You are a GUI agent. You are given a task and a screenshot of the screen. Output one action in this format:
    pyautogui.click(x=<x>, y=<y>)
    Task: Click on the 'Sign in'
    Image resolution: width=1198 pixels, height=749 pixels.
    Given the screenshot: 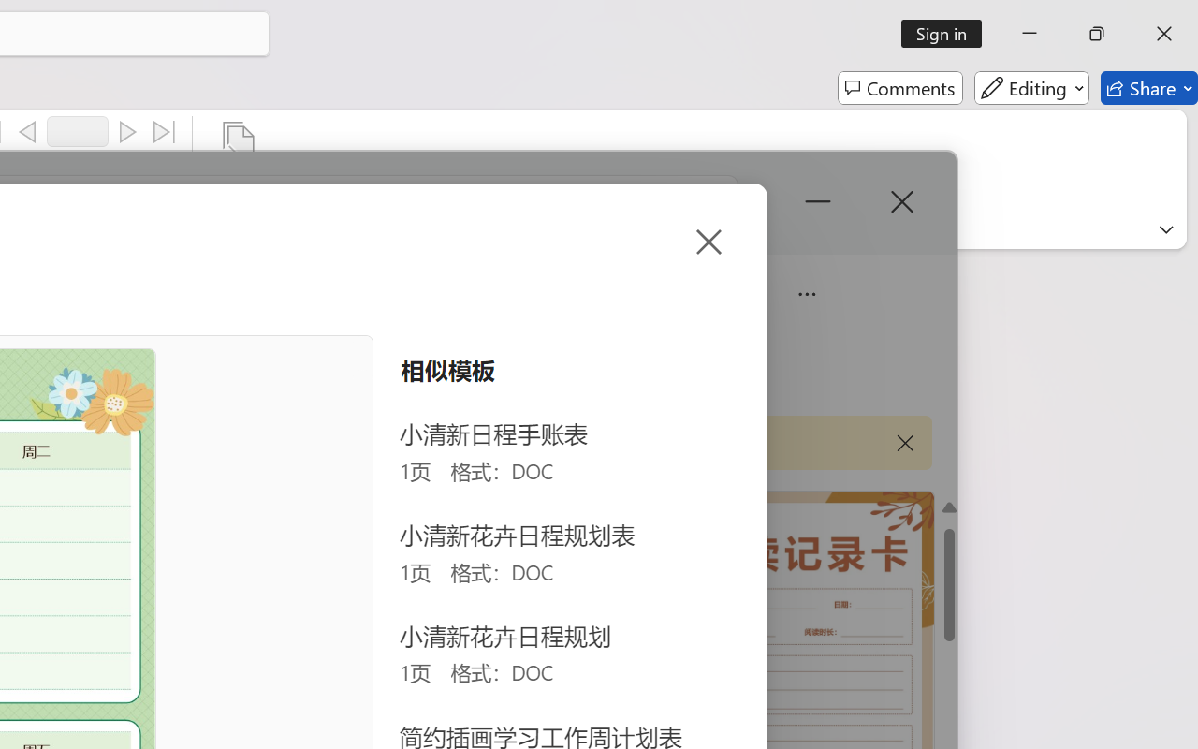 What is the action you would take?
    pyautogui.click(x=948, y=33)
    